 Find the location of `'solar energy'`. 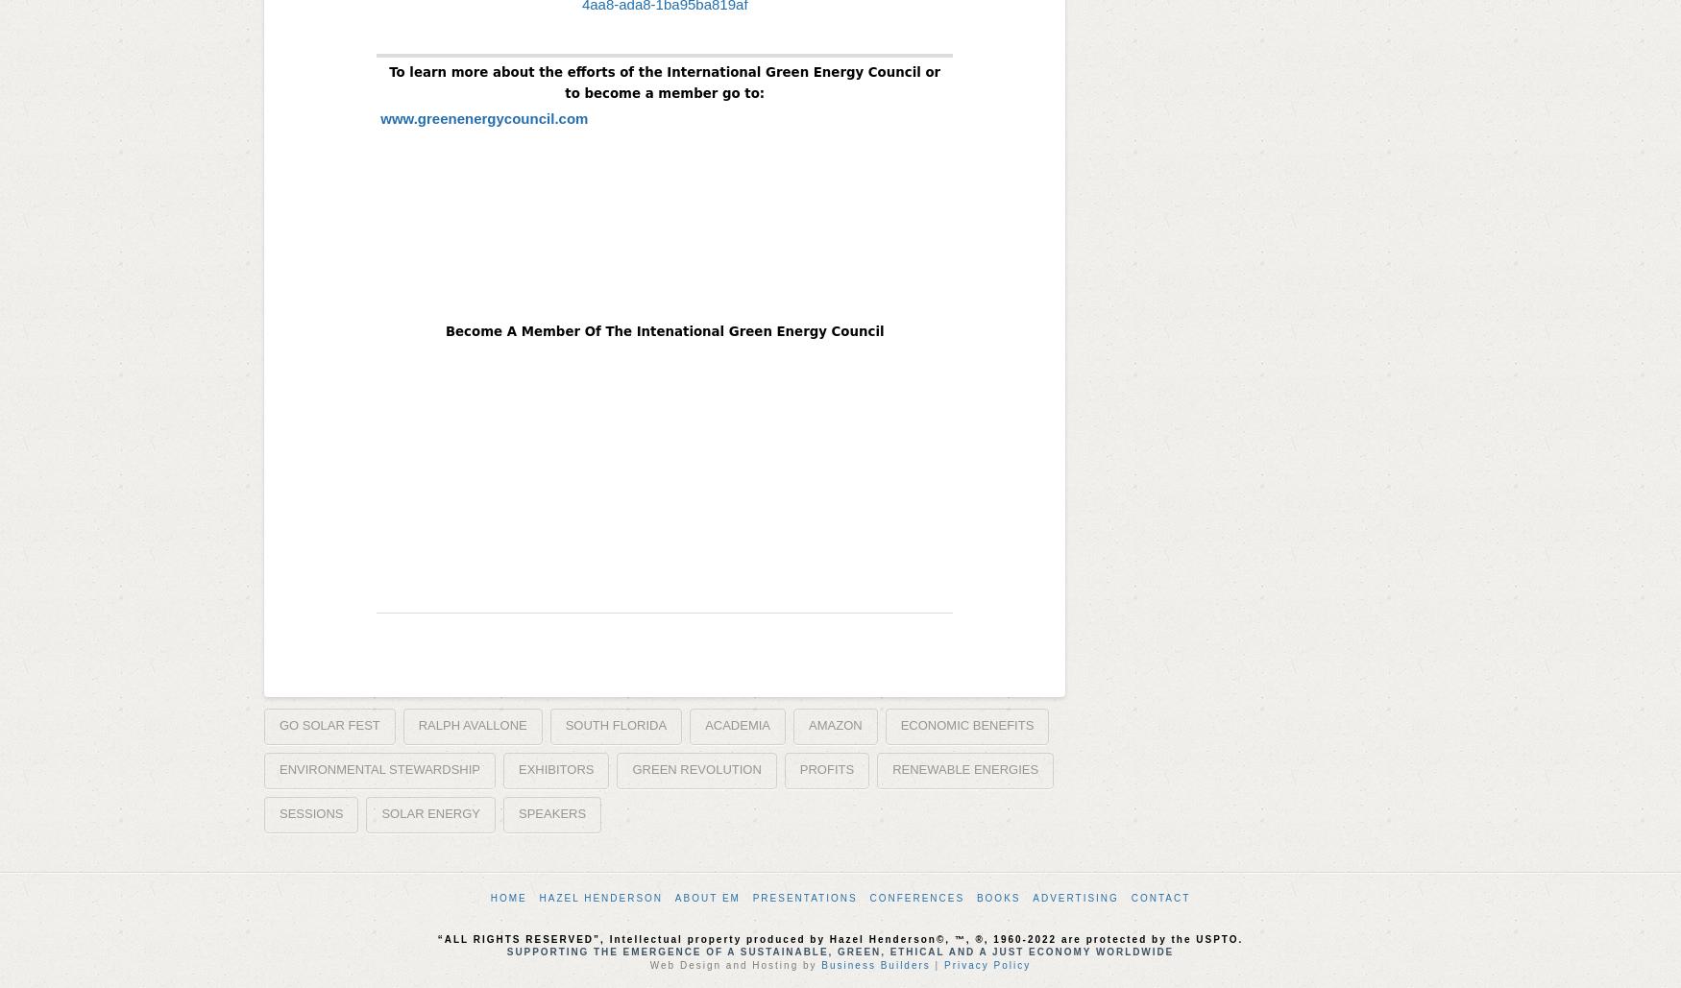

'solar energy' is located at coordinates (430, 811).